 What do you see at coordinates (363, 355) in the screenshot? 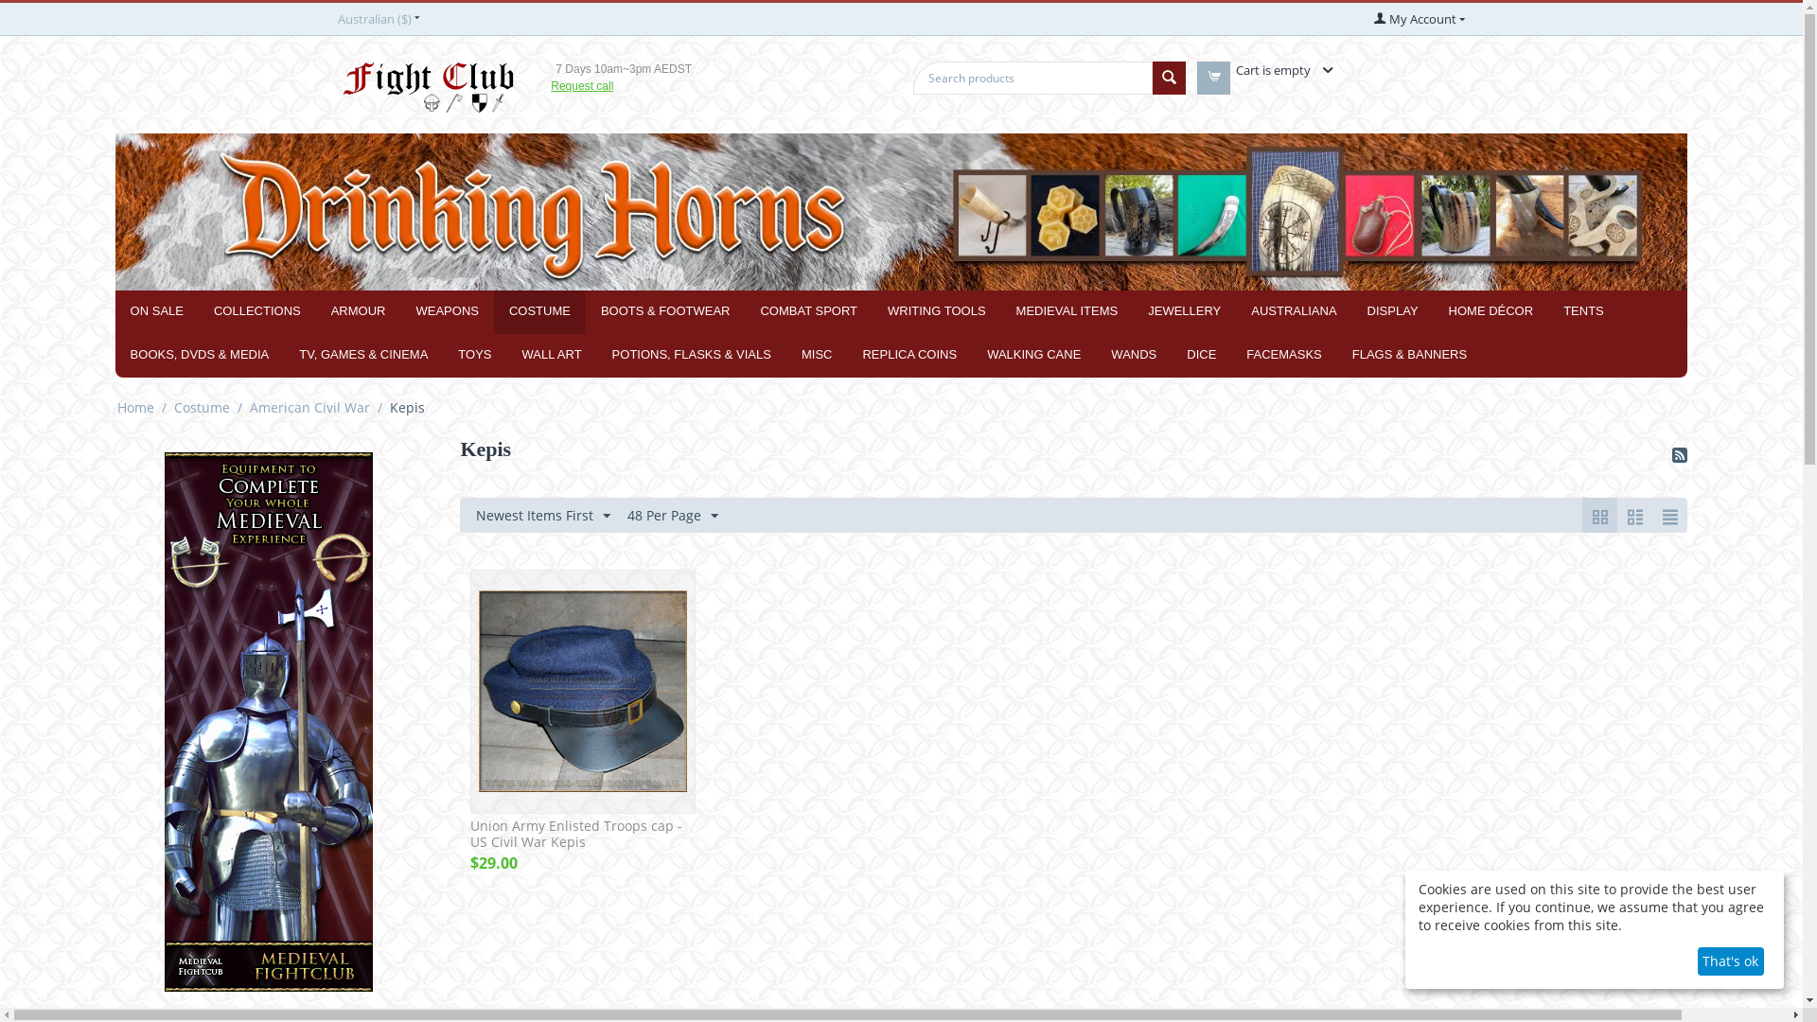
I see `'TV, GAMES & CINEMA'` at bounding box center [363, 355].